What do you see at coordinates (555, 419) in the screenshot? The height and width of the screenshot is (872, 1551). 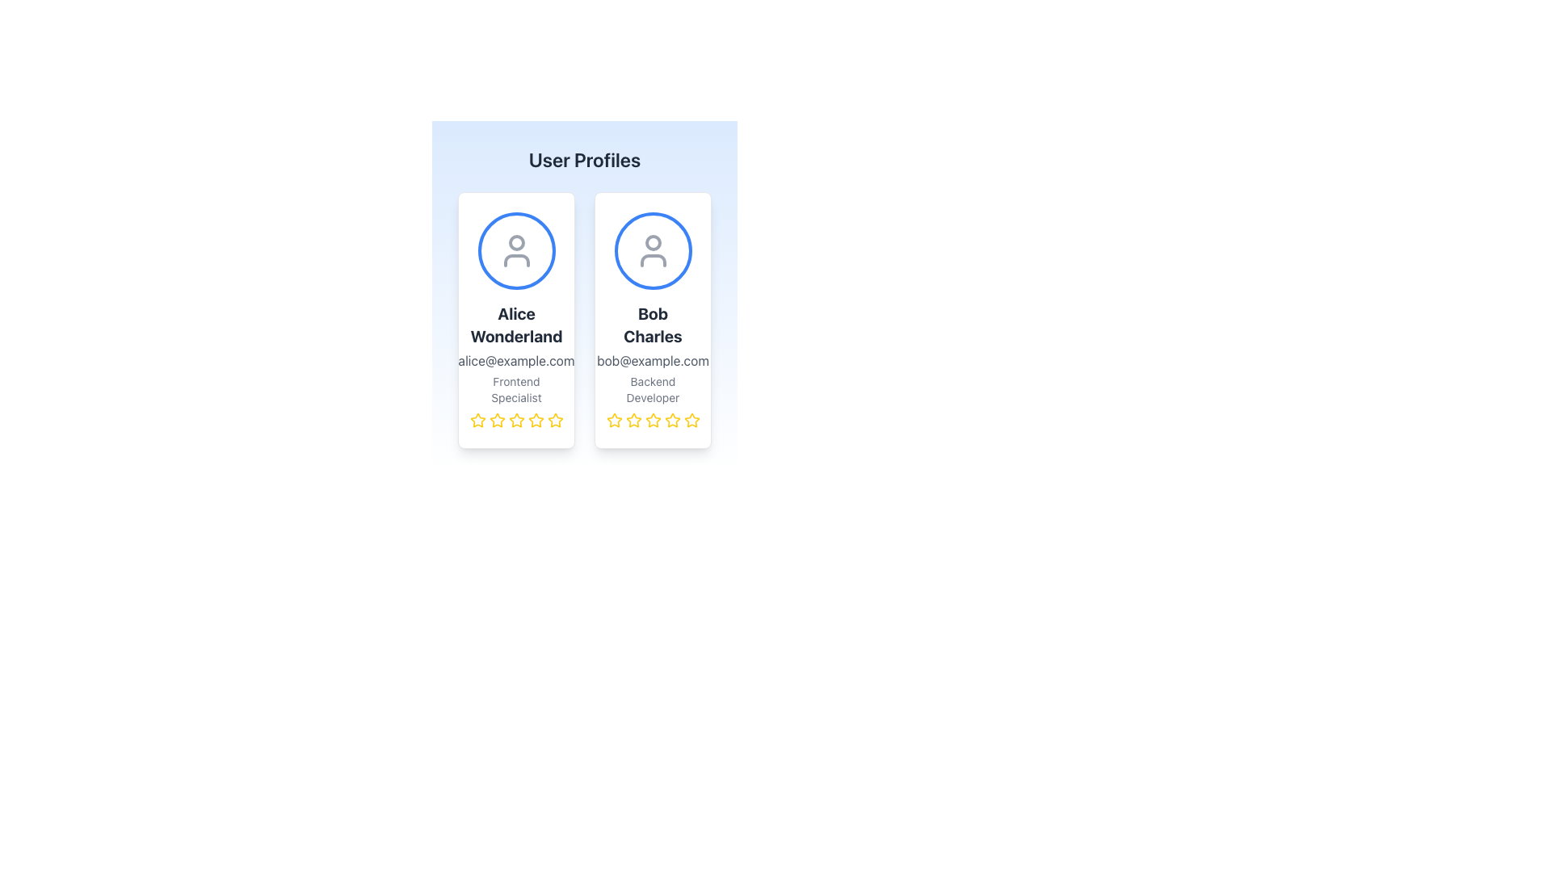 I see `the fifth star icon below the profile of 'Alice Wonderland' to rate the profile` at bounding box center [555, 419].